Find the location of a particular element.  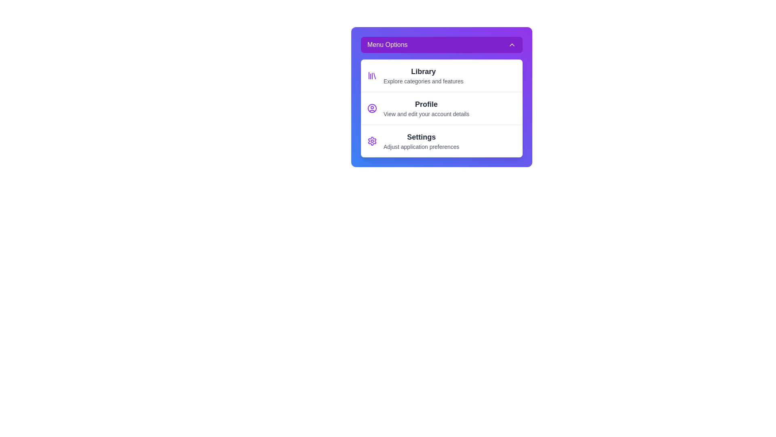

the third list item with an icon and text is located at coordinates (441, 140).